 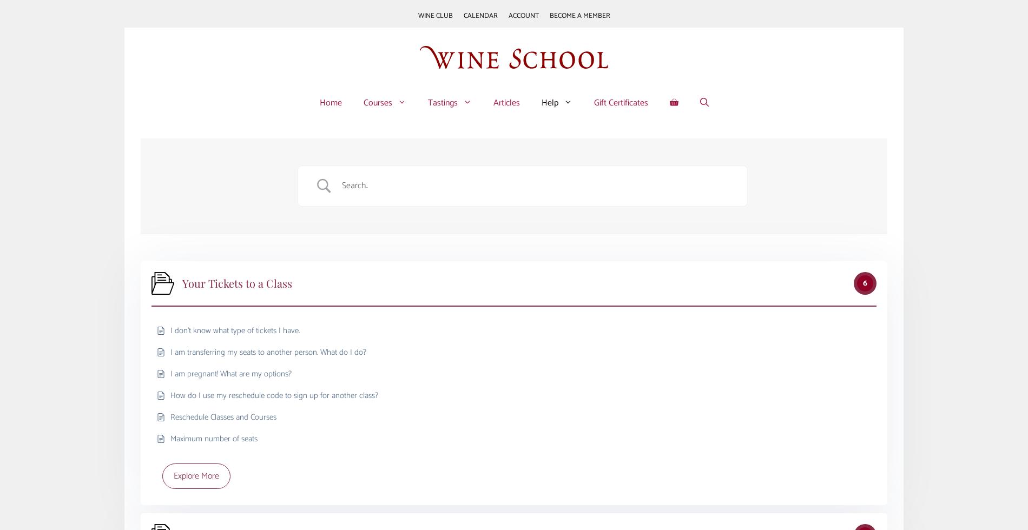 What do you see at coordinates (330, 102) in the screenshot?
I see `'Home'` at bounding box center [330, 102].